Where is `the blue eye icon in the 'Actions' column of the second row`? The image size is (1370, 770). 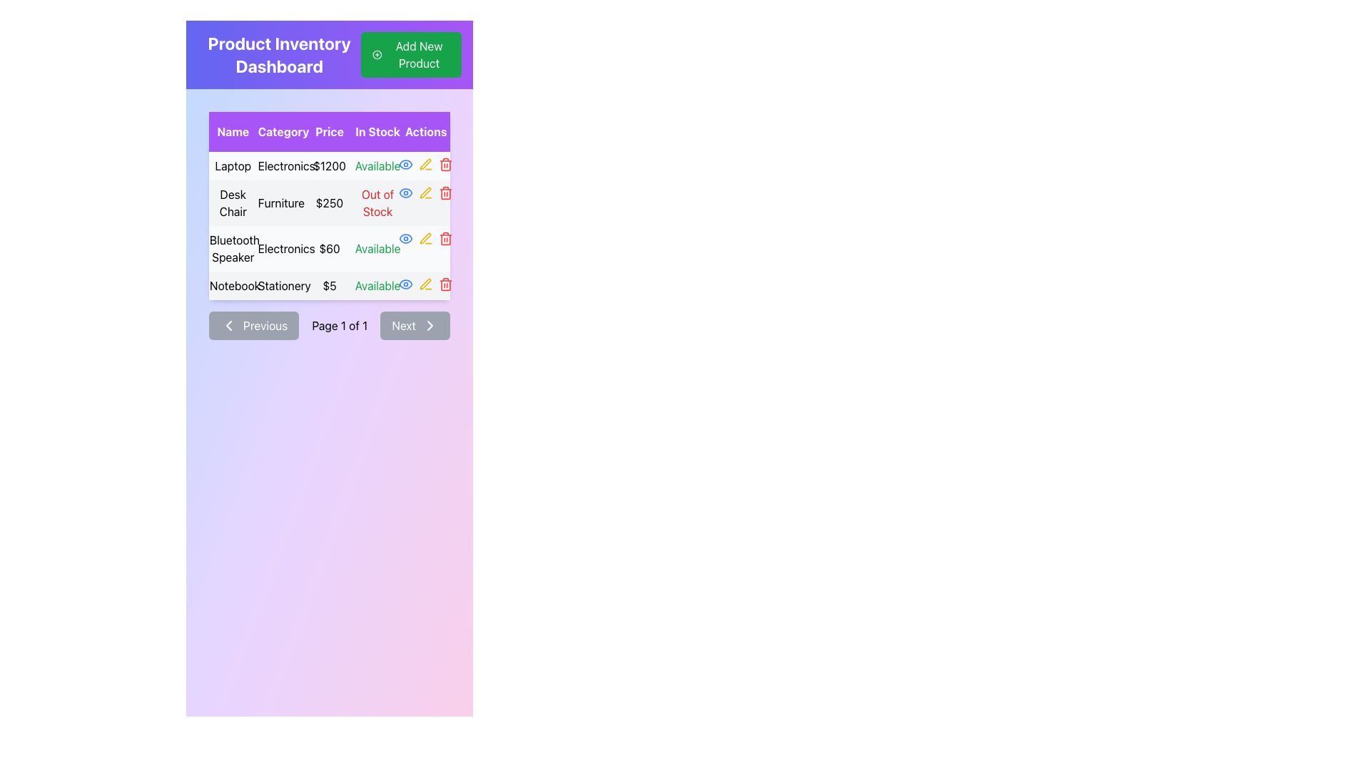 the blue eye icon in the 'Actions' column of the second row is located at coordinates (405, 192).